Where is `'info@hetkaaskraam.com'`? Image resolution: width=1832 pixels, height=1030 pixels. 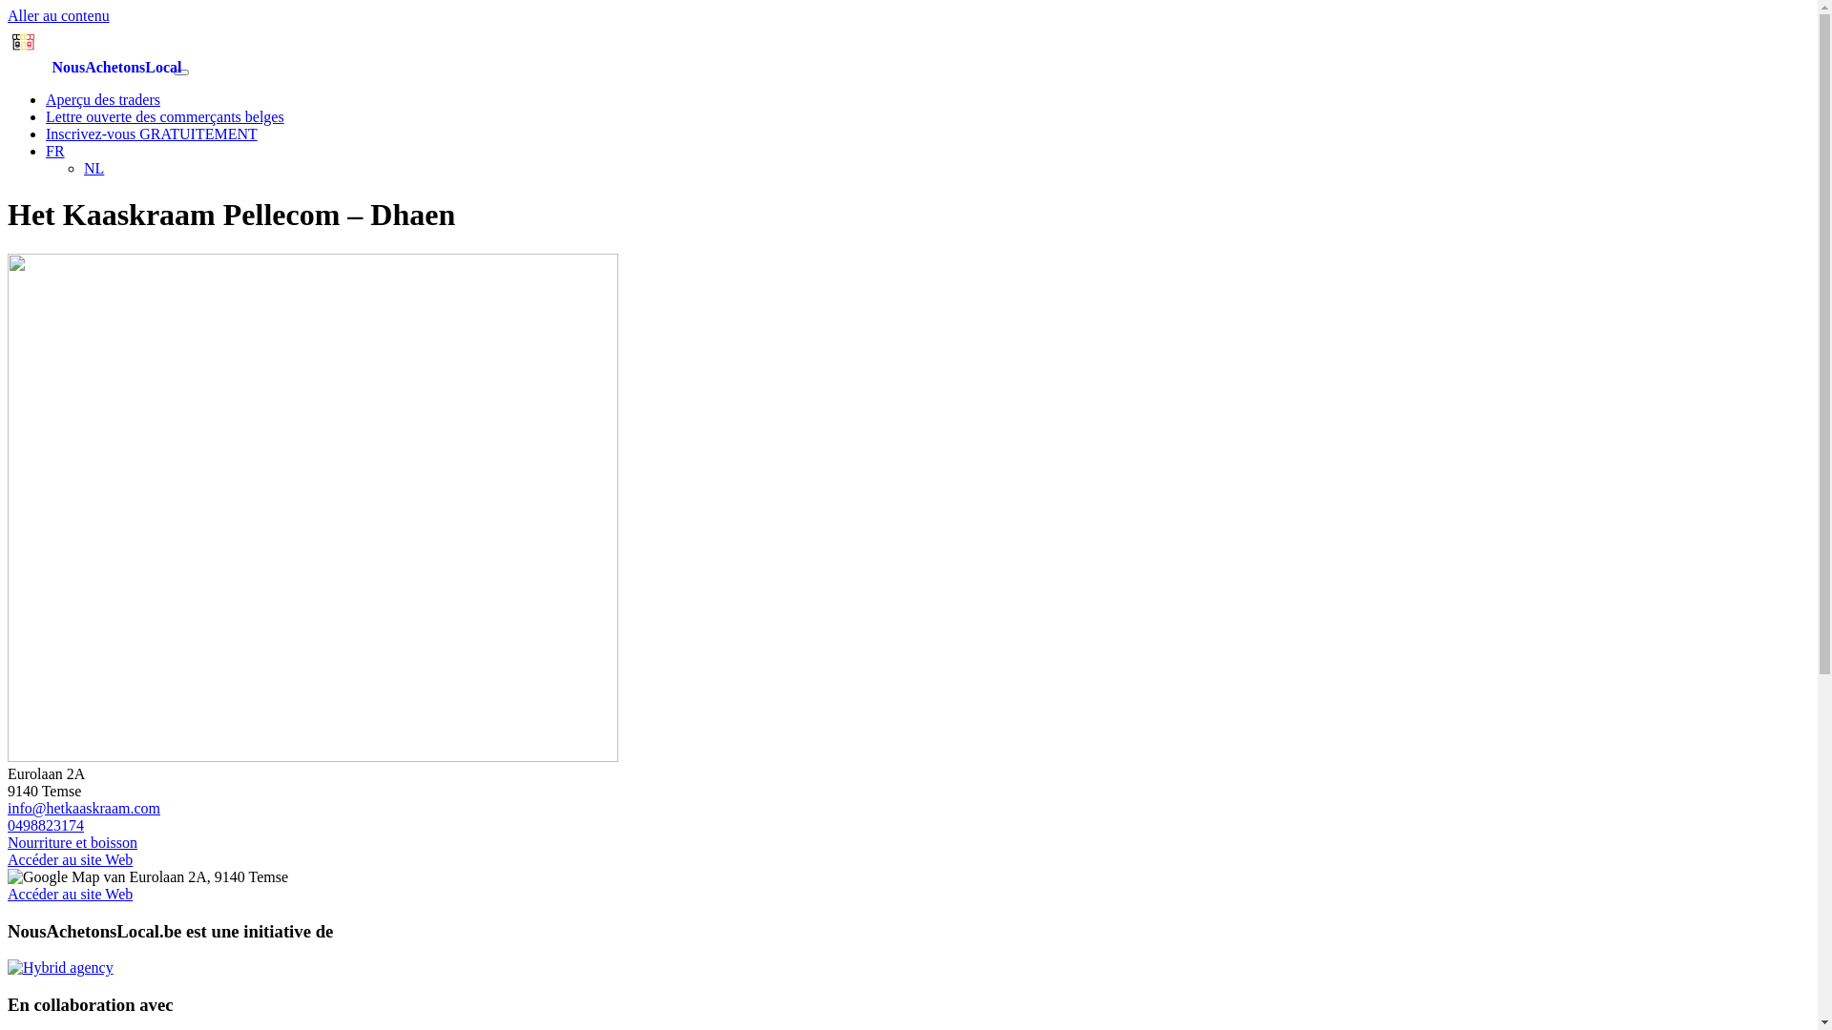
'info@hetkaaskraam.com' is located at coordinates (82, 808).